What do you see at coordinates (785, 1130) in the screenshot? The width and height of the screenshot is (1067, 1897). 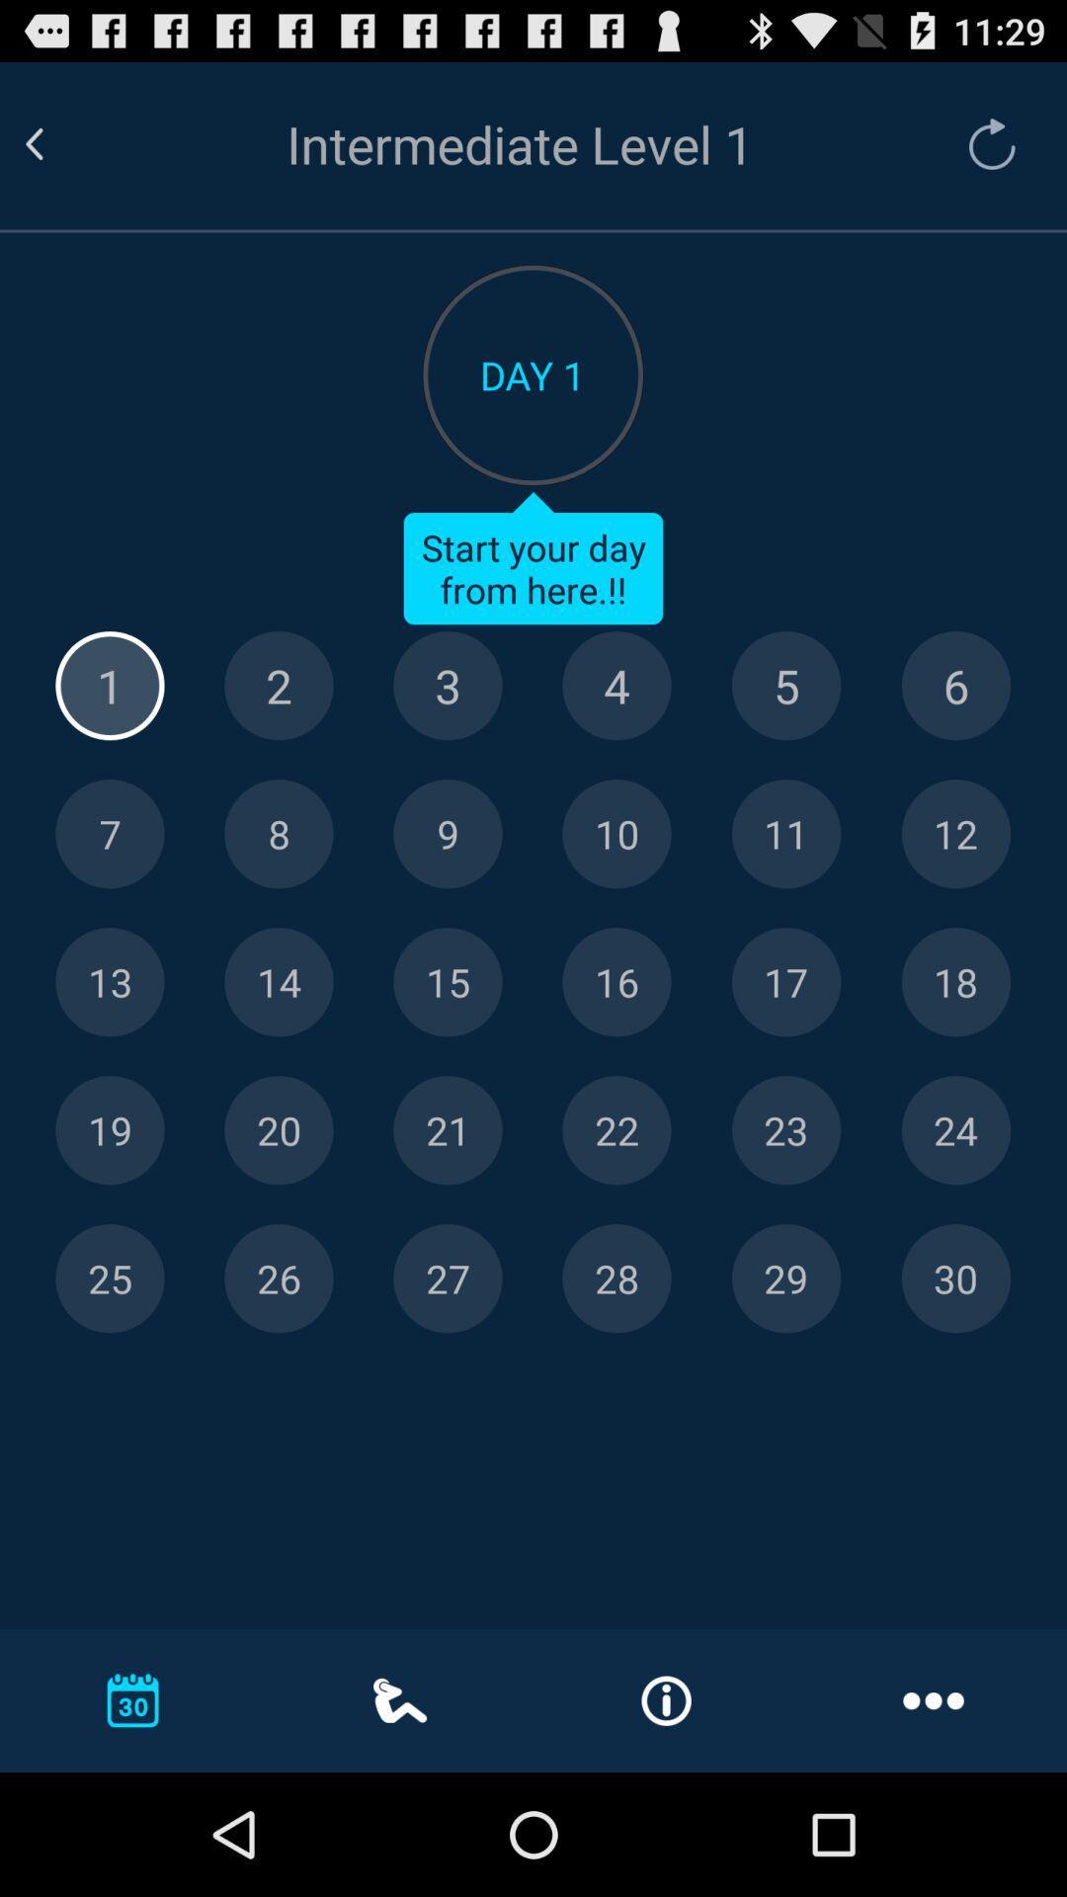 I see `day` at bounding box center [785, 1130].